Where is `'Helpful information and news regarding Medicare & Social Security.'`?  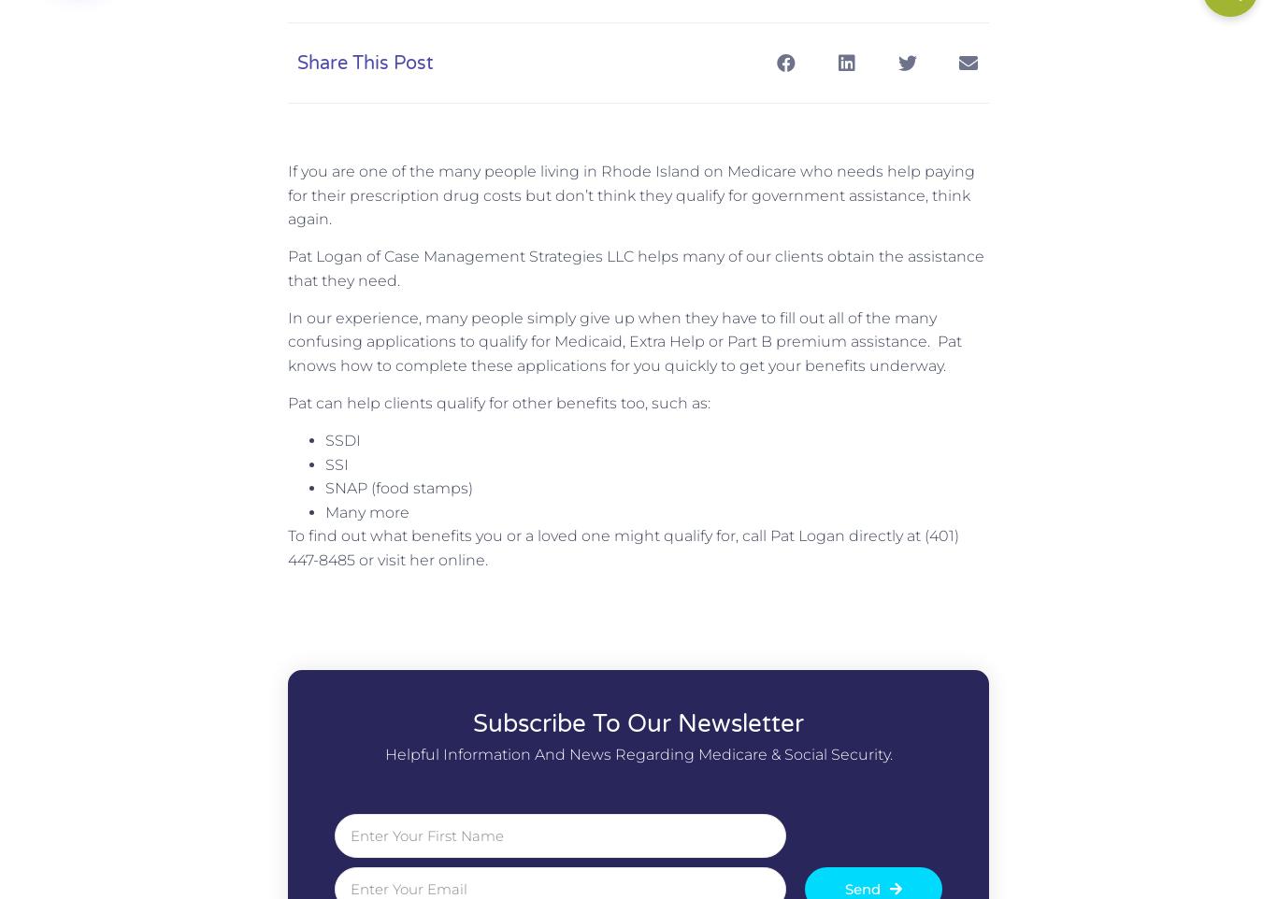
'Helpful information and news regarding Medicare & Social Security.' is located at coordinates (637, 752).